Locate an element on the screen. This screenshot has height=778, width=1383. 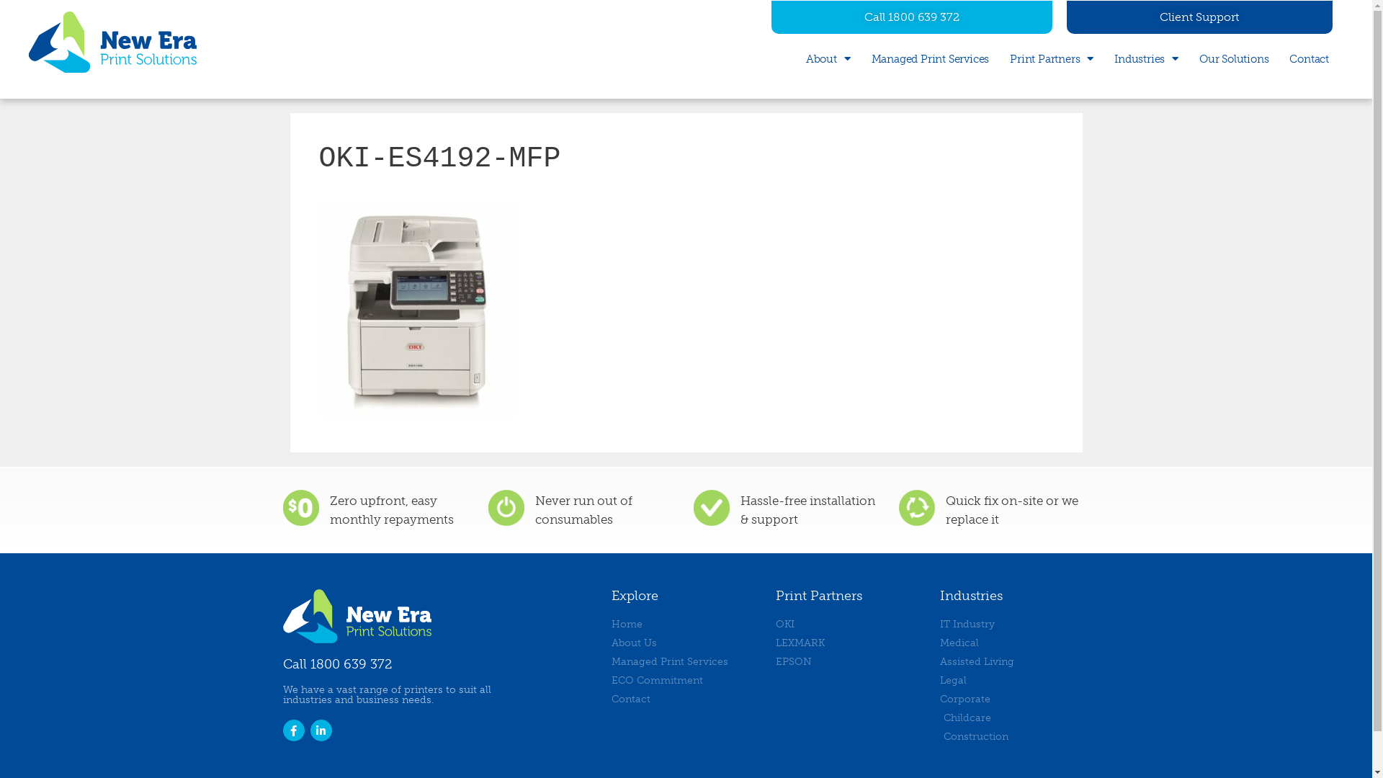
'Print Partners' is located at coordinates (1008, 58).